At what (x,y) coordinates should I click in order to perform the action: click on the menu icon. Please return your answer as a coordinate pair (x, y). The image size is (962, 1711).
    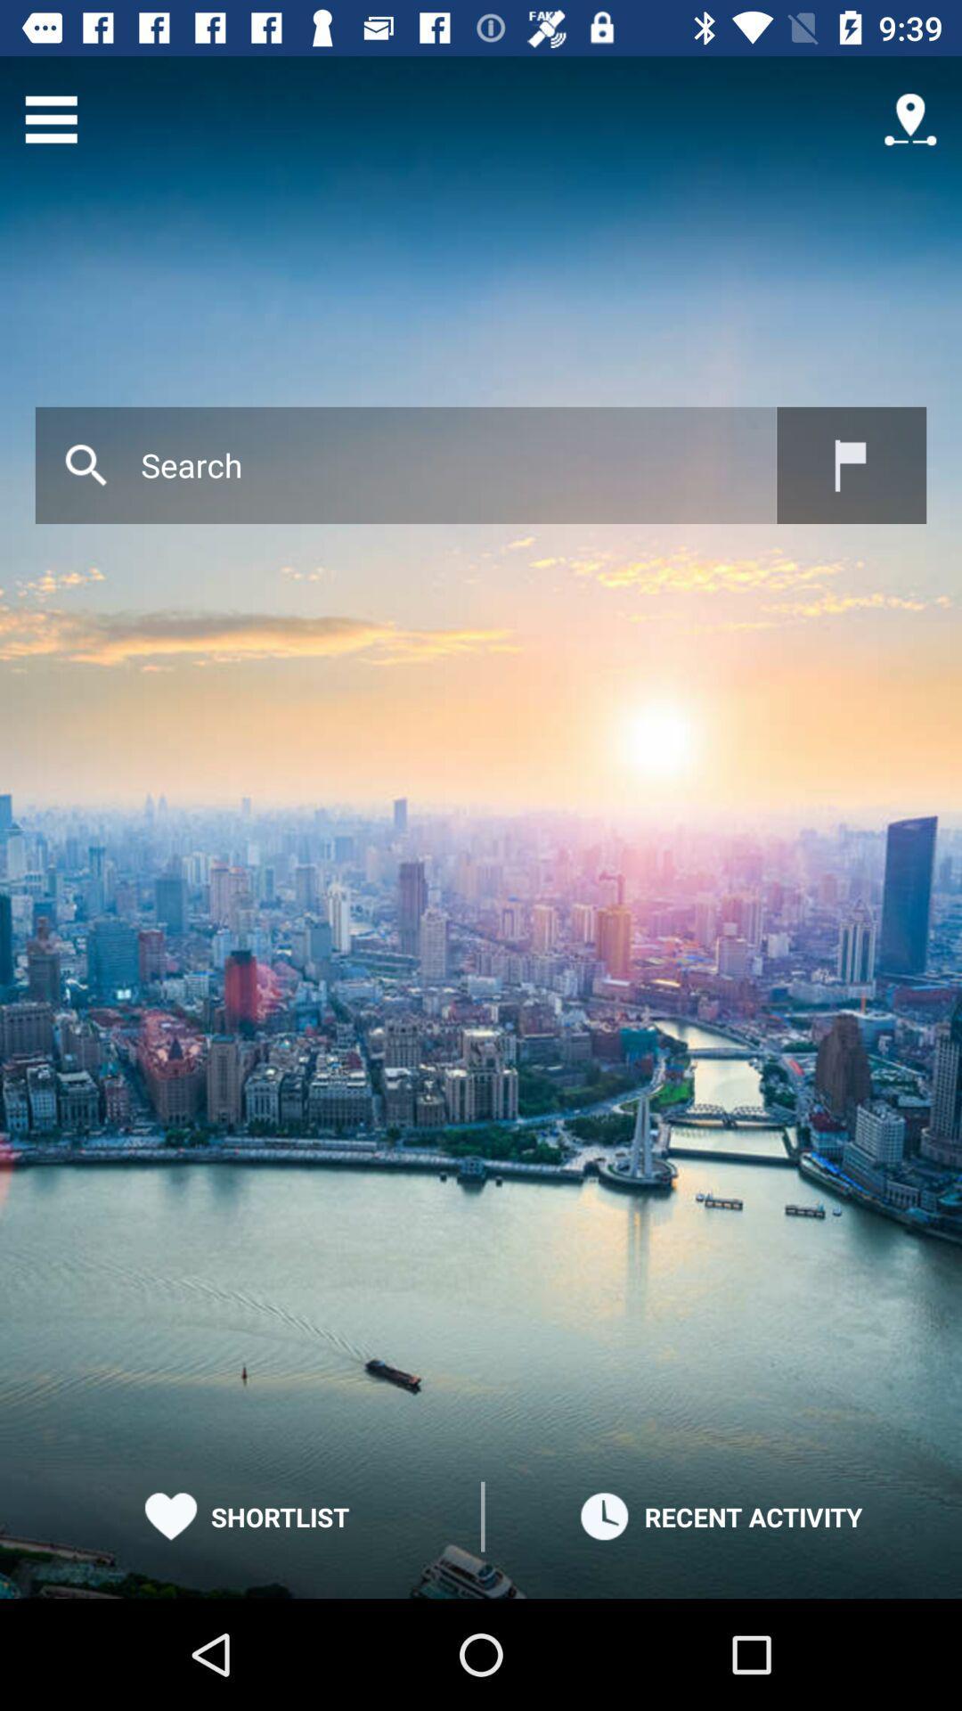
    Looking at the image, I should click on (50, 119).